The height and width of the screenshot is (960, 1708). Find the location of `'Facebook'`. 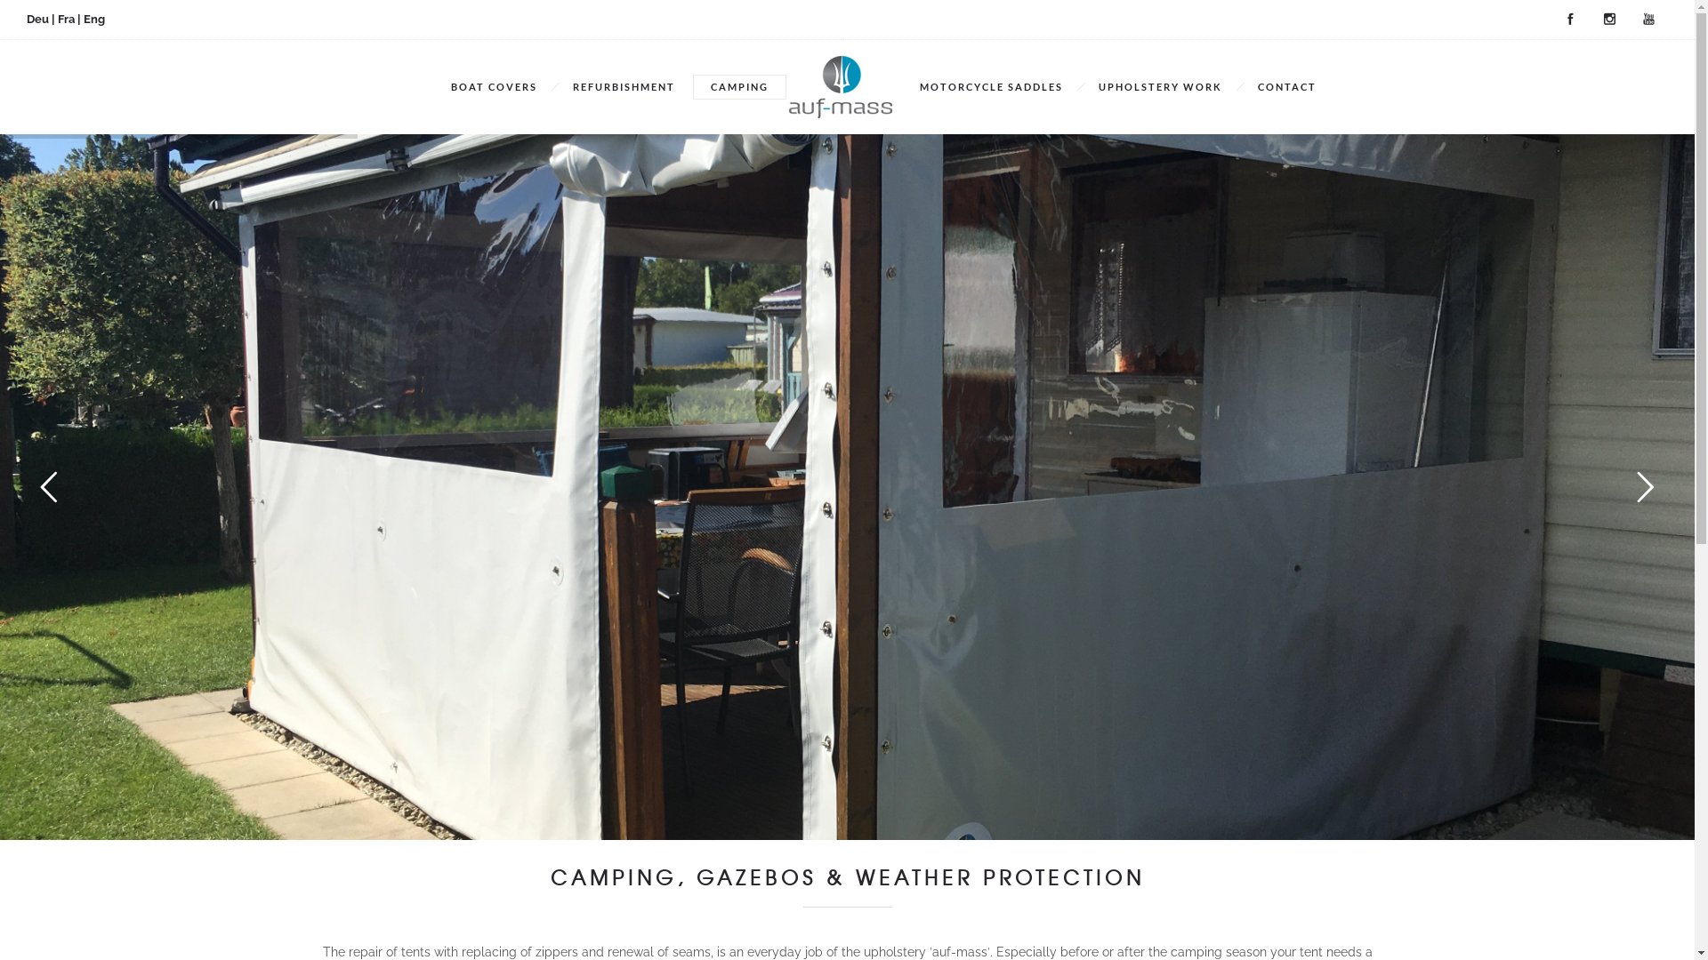

'Facebook' is located at coordinates (1570, 20).